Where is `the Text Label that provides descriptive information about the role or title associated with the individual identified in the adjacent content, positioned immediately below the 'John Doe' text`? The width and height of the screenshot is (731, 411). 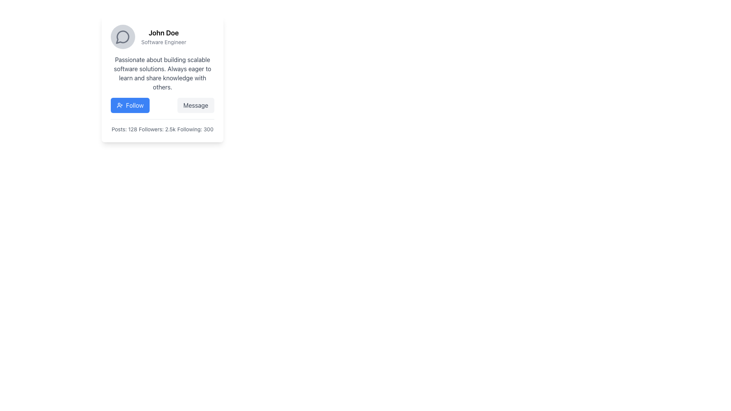 the Text Label that provides descriptive information about the role or title associated with the individual identified in the adjacent content, positioned immediately below the 'John Doe' text is located at coordinates (163, 42).